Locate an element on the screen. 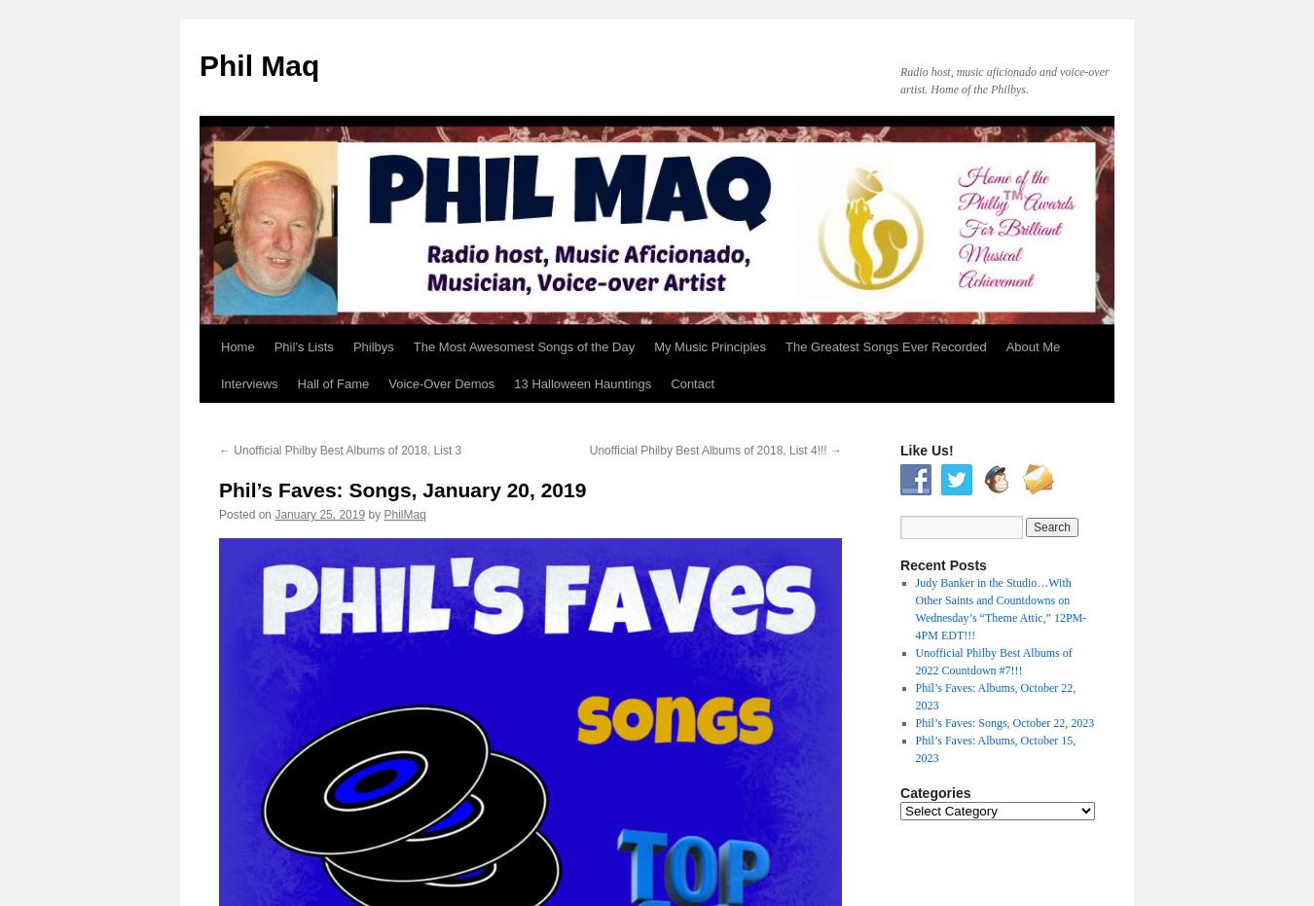 The width and height of the screenshot is (1314, 906). 'Unofficial Philby Best Albums of 2022 Countdown #7!!!' is located at coordinates (914, 661).